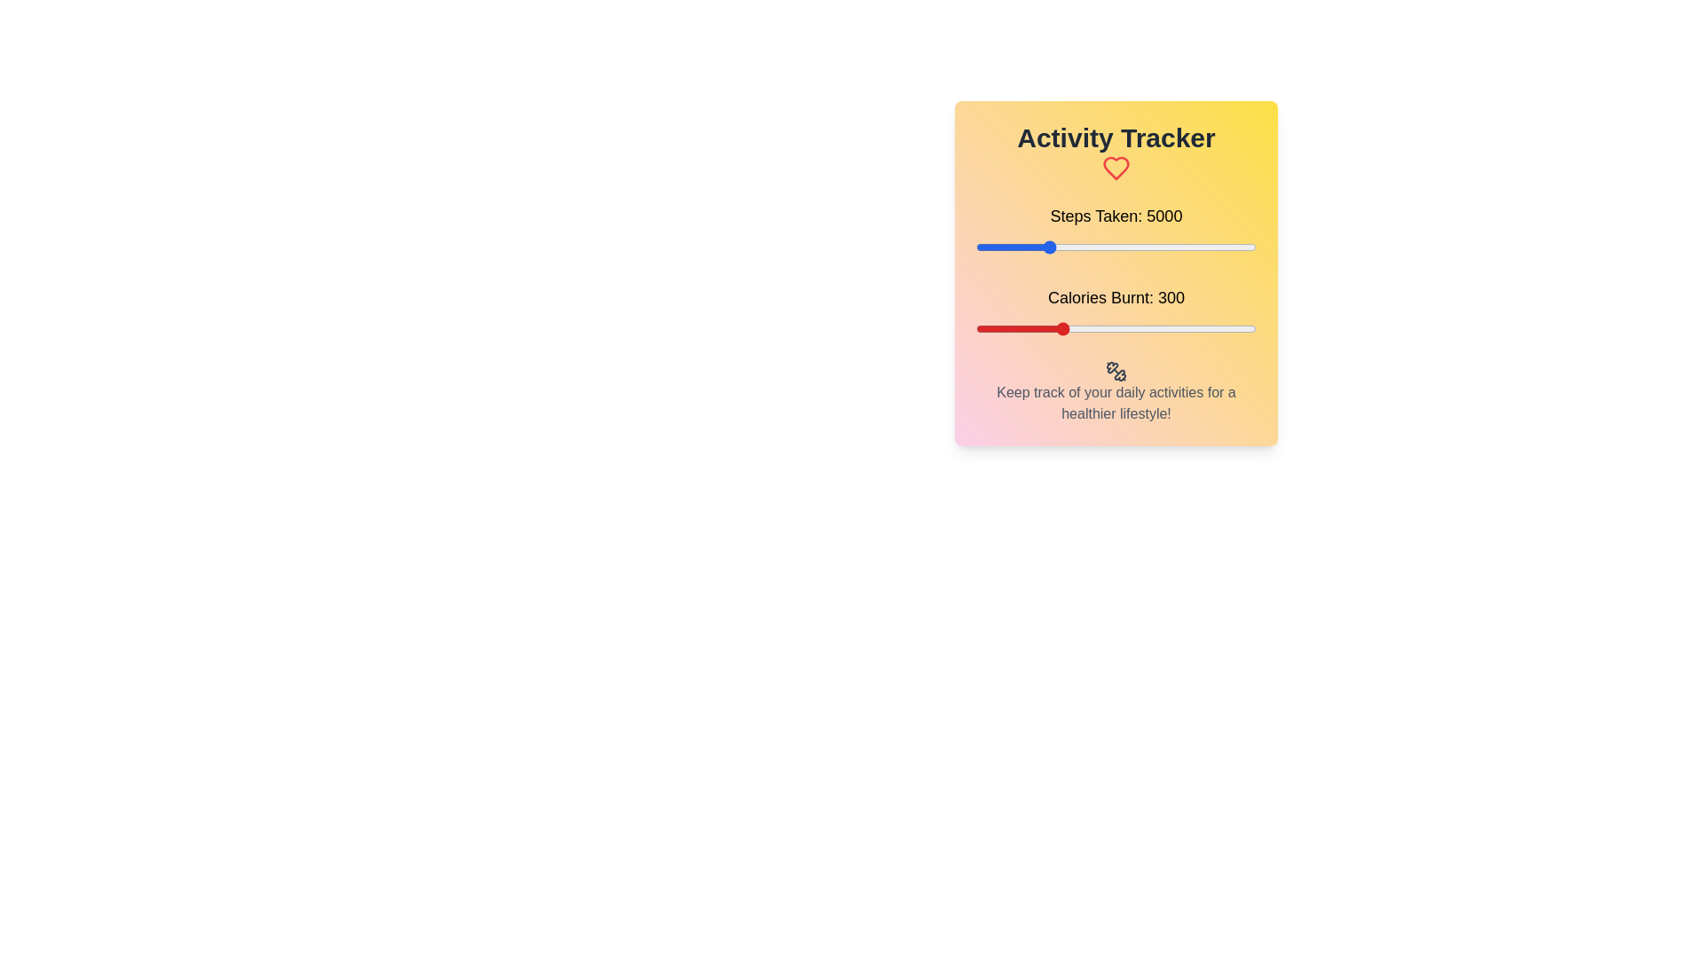  Describe the element at coordinates (1115, 271) in the screenshot. I see `the progress bars of the informational display which shows 'Steps Taken: 5000' and 'Calories Burnt: 300' to evaluate progress` at that location.